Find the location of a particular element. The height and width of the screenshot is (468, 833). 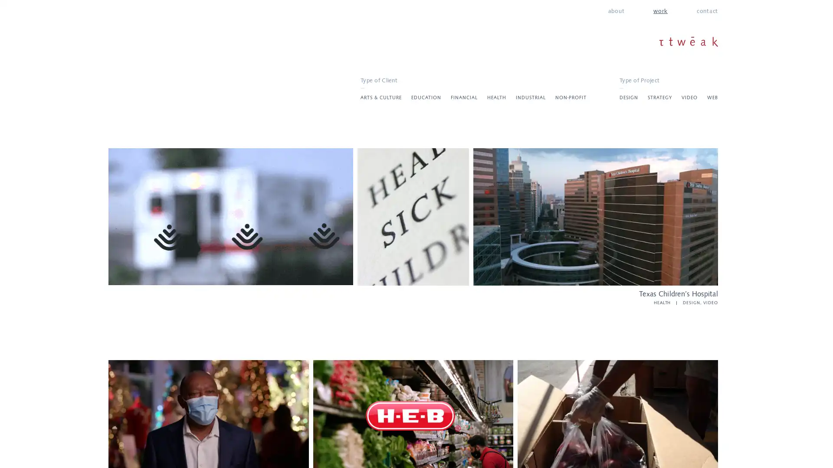

FINANCIAL is located at coordinates (464, 97).